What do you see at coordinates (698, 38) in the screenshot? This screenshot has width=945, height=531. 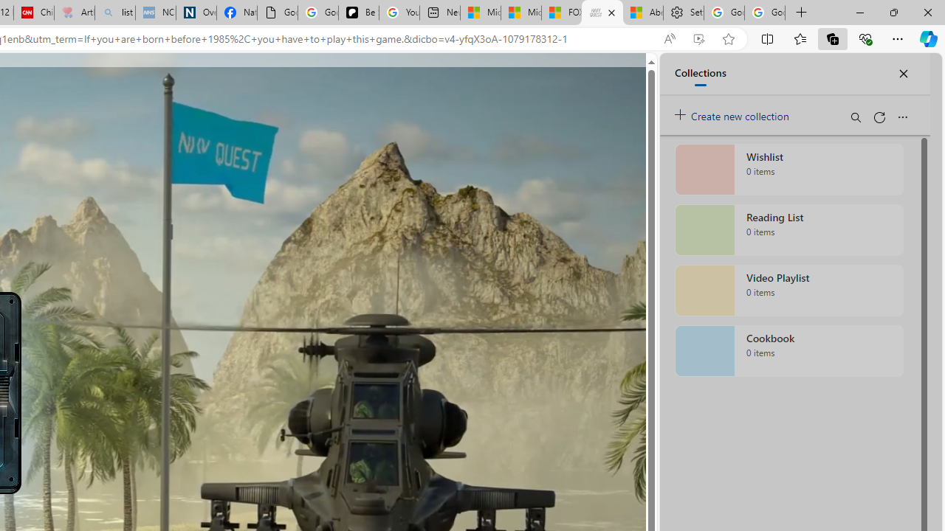 I see `'Enhance video'` at bounding box center [698, 38].